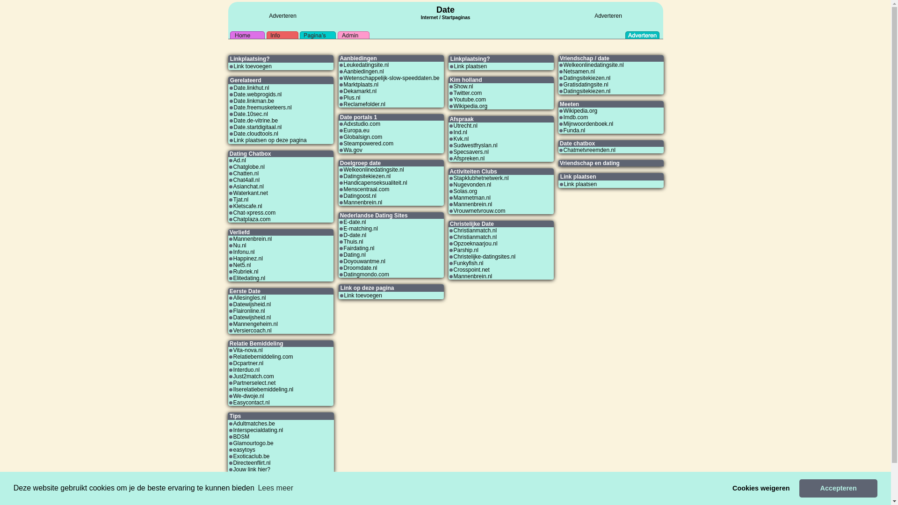 The height and width of the screenshot is (505, 898). Describe the element at coordinates (251, 113) in the screenshot. I see `'Date.10sec.nl'` at that location.